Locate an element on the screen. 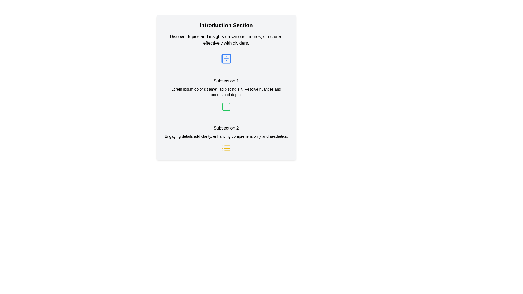 The image size is (523, 294). text element that serves as the title or header for its associated content, positioned above the description and below the dashed divider line is located at coordinates (226, 128).